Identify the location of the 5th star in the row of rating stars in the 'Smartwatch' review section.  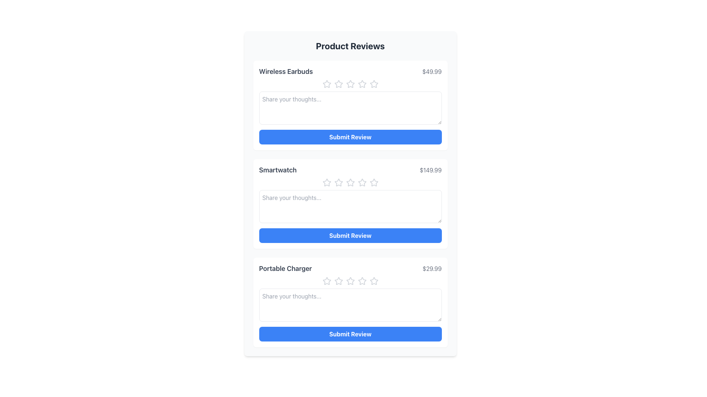
(374, 182).